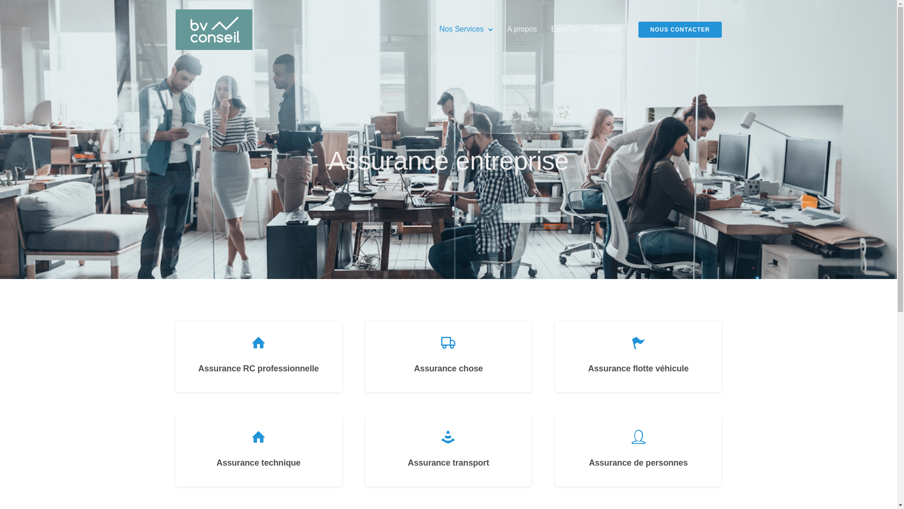 This screenshot has width=904, height=509. What do you see at coordinates (680, 29) in the screenshot?
I see `'NOUS CONTACTER'` at bounding box center [680, 29].